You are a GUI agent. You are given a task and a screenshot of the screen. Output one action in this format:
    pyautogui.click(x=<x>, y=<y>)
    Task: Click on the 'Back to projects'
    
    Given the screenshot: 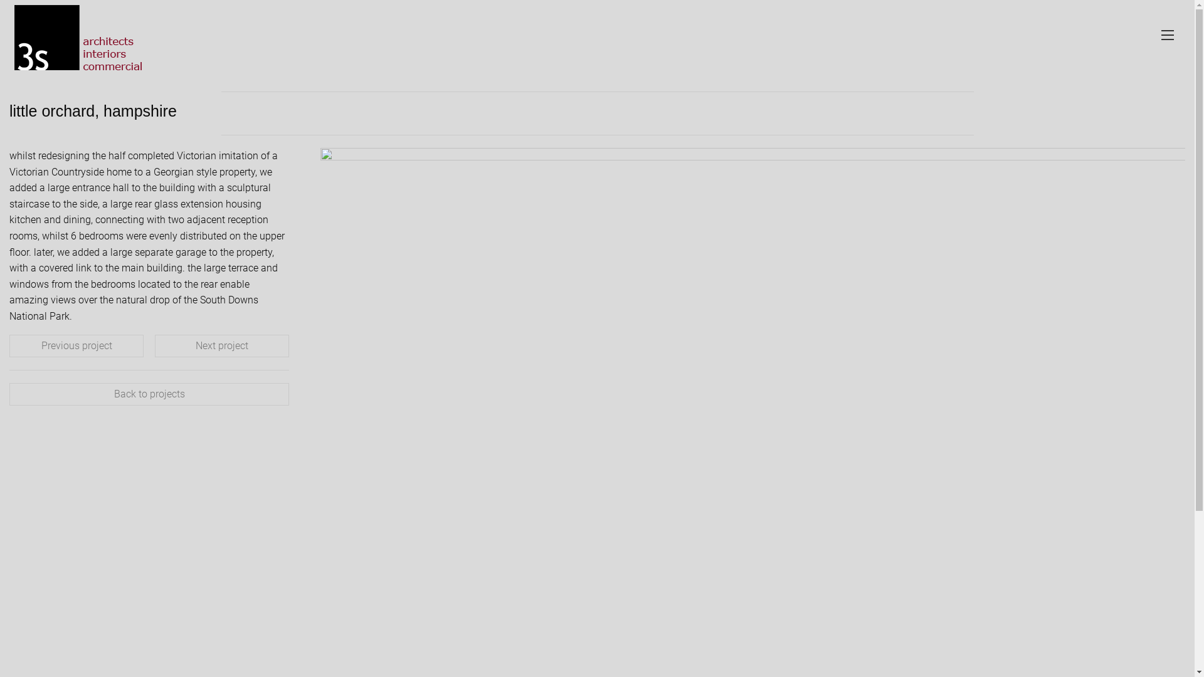 What is the action you would take?
    pyautogui.click(x=149, y=393)
    